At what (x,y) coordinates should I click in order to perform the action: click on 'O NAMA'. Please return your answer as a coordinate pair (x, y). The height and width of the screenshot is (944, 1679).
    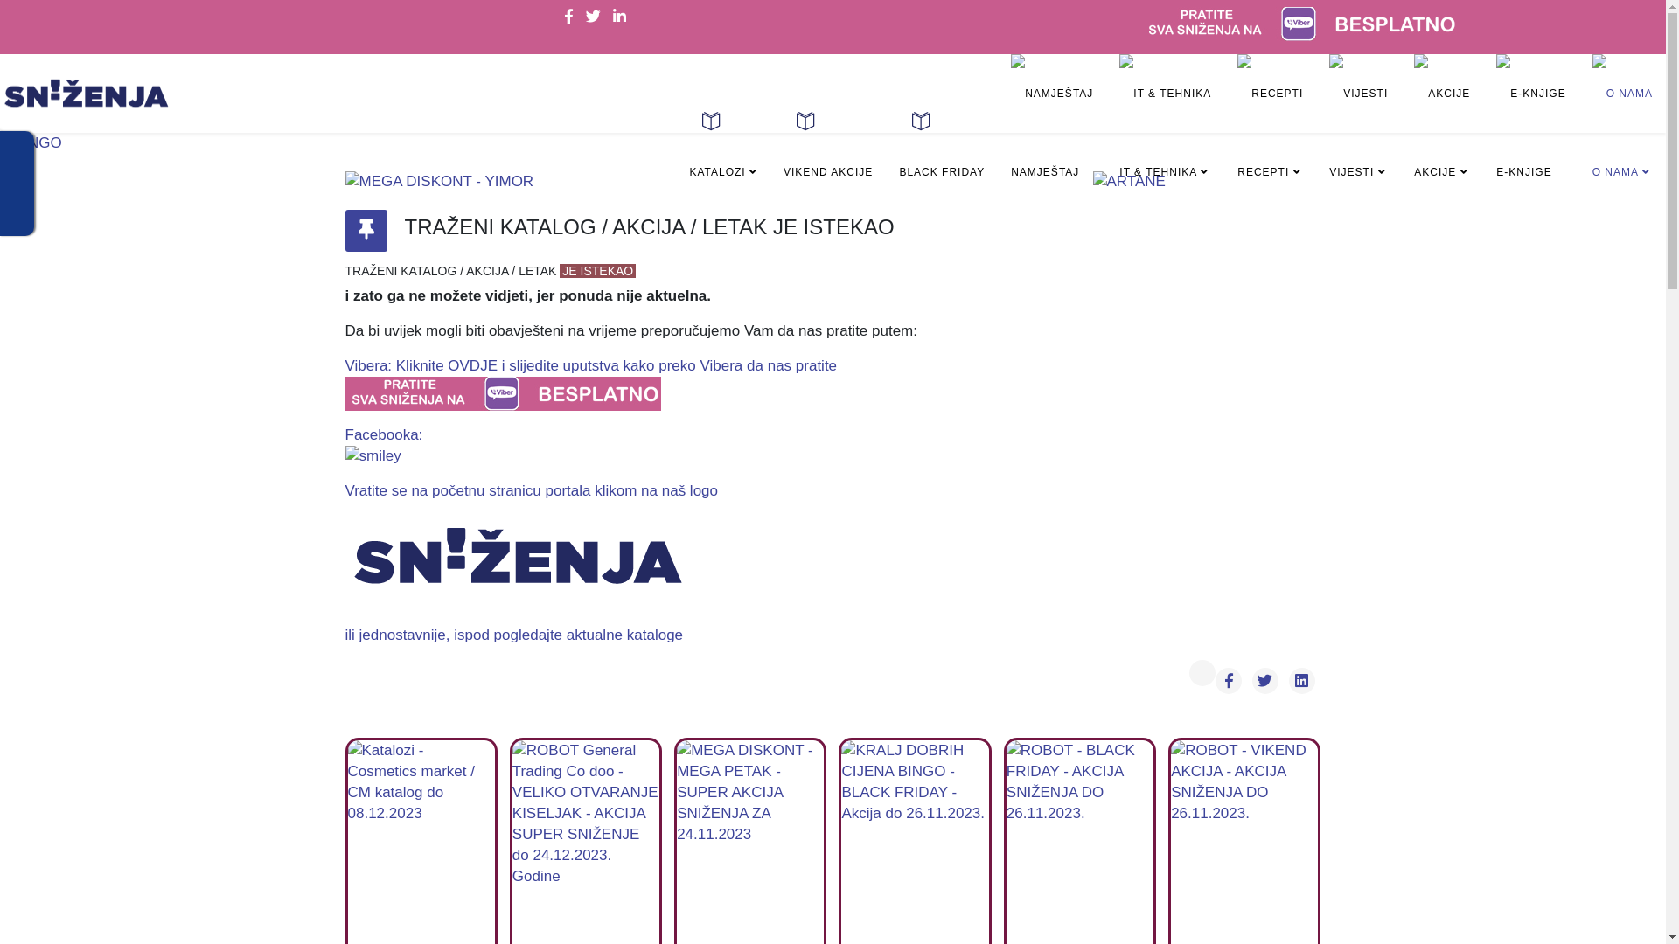
    Looking at the image, I should click on (1621, 131).